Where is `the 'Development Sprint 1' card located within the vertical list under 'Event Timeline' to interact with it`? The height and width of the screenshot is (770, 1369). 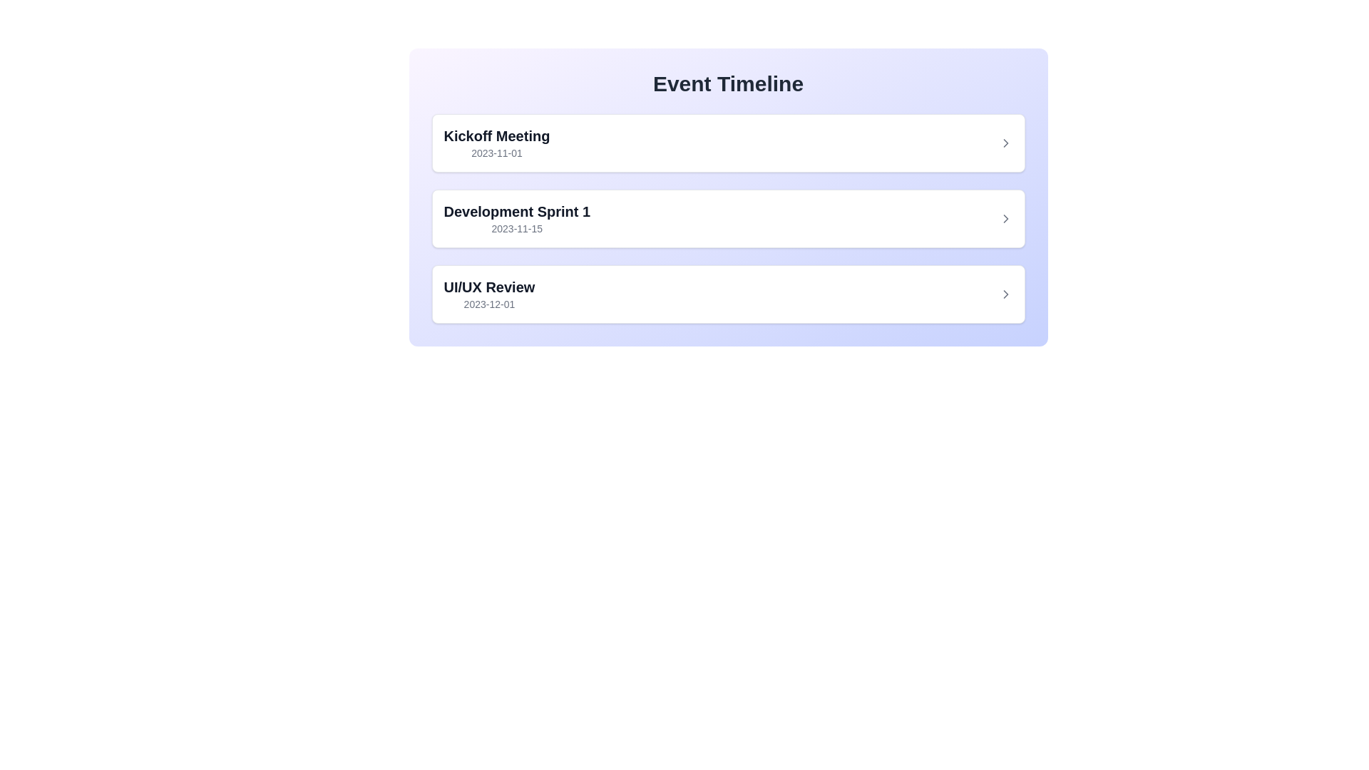 the 'Development Sprint 1' card located within the vertical list under 'Event Timeline' to interact with it is located at coordinates (728, 219).